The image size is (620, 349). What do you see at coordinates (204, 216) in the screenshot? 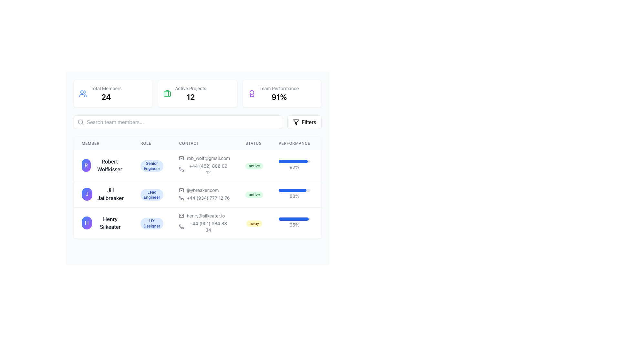
I see `the static text displaying the email address associated with 'Henry Silkeater' in the 'Contact' column of the table, which is represented in a small gray font with an envelope icon to its left` at bounding box center [204, 216].